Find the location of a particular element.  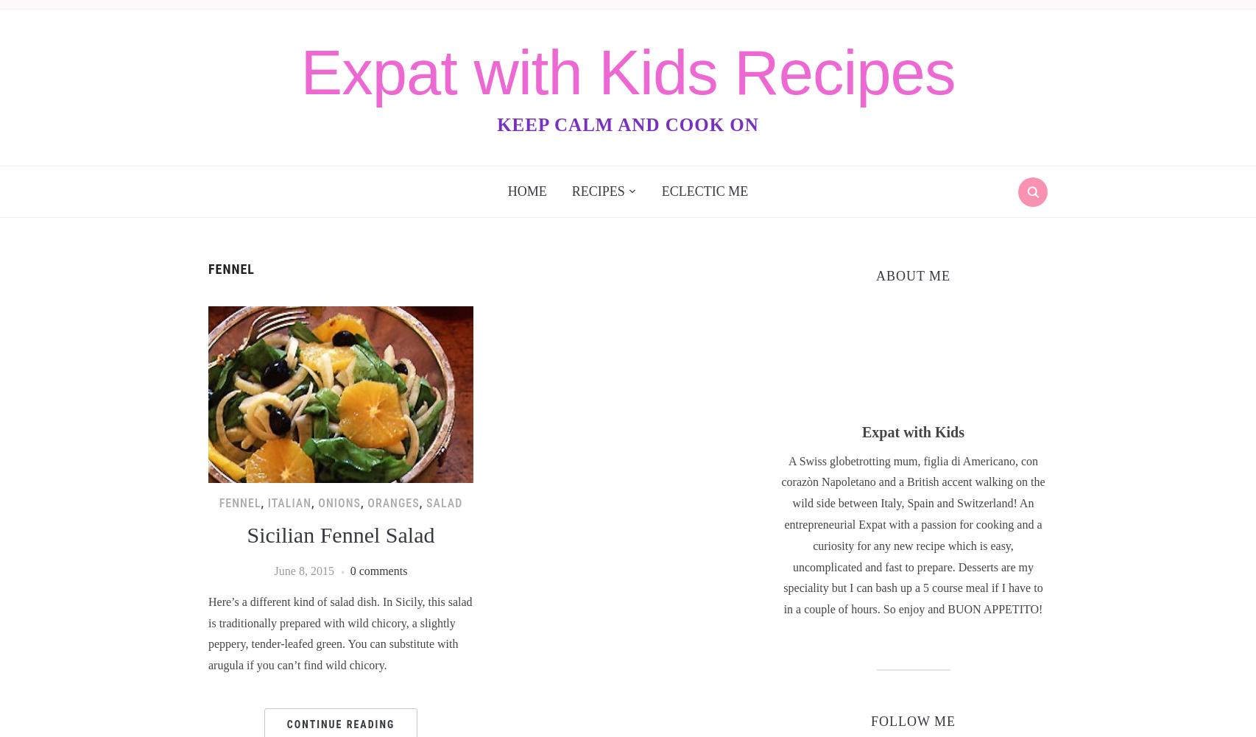

'Continue Reading' is located at coordinates (286, 722).